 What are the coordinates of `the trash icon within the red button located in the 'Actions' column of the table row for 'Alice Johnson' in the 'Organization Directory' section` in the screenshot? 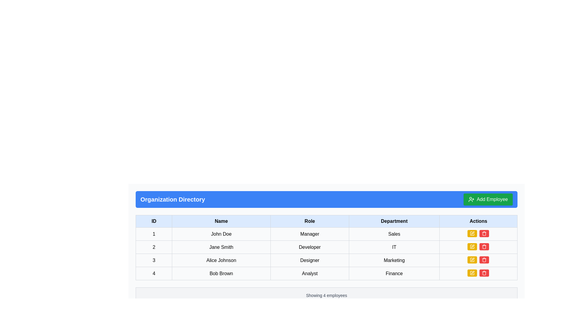 It's located at (484, 259).